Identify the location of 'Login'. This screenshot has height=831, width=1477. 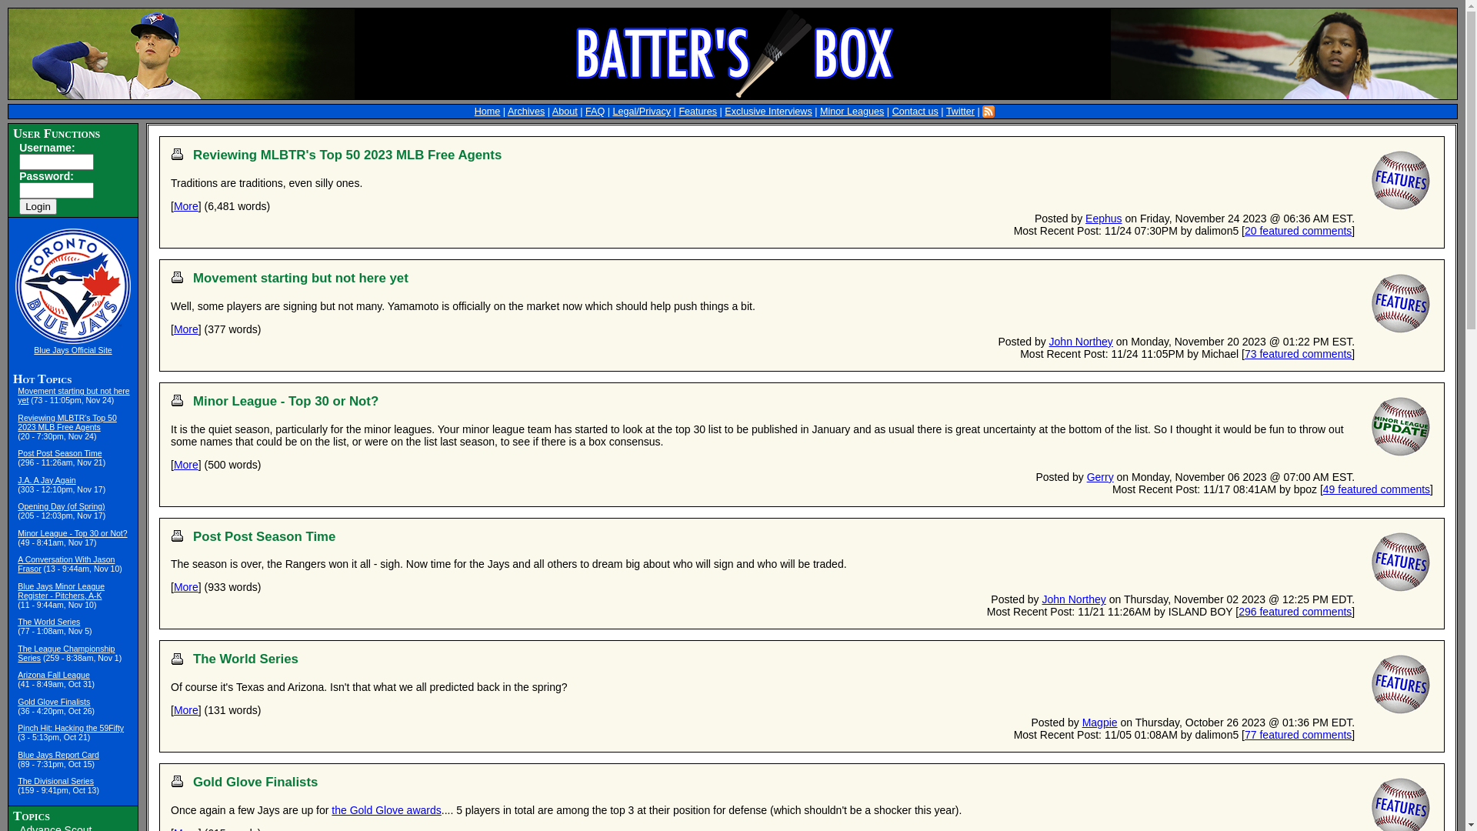
(38, 205).